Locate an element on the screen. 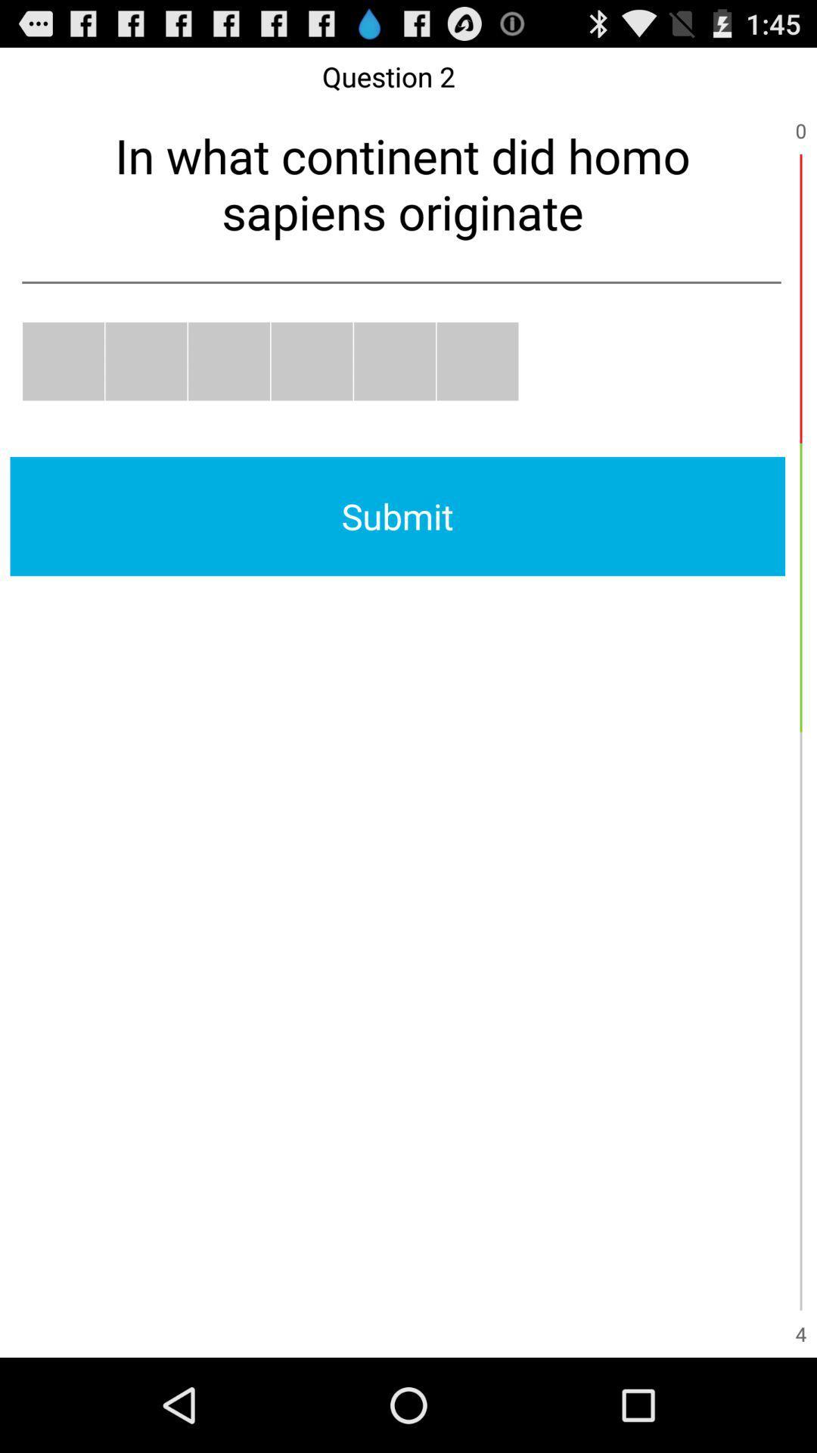 The width and height of the screenshot is (817, 1453). the item above the submit icon is located at coordinates (393, 360).